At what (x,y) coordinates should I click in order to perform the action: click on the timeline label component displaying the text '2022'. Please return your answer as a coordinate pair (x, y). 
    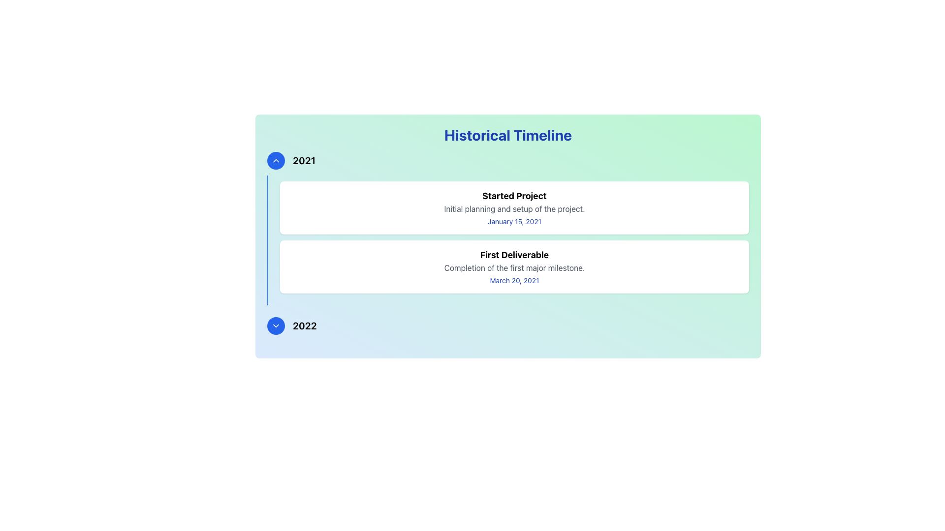
    Looking at the image, I should click on (508, 326).